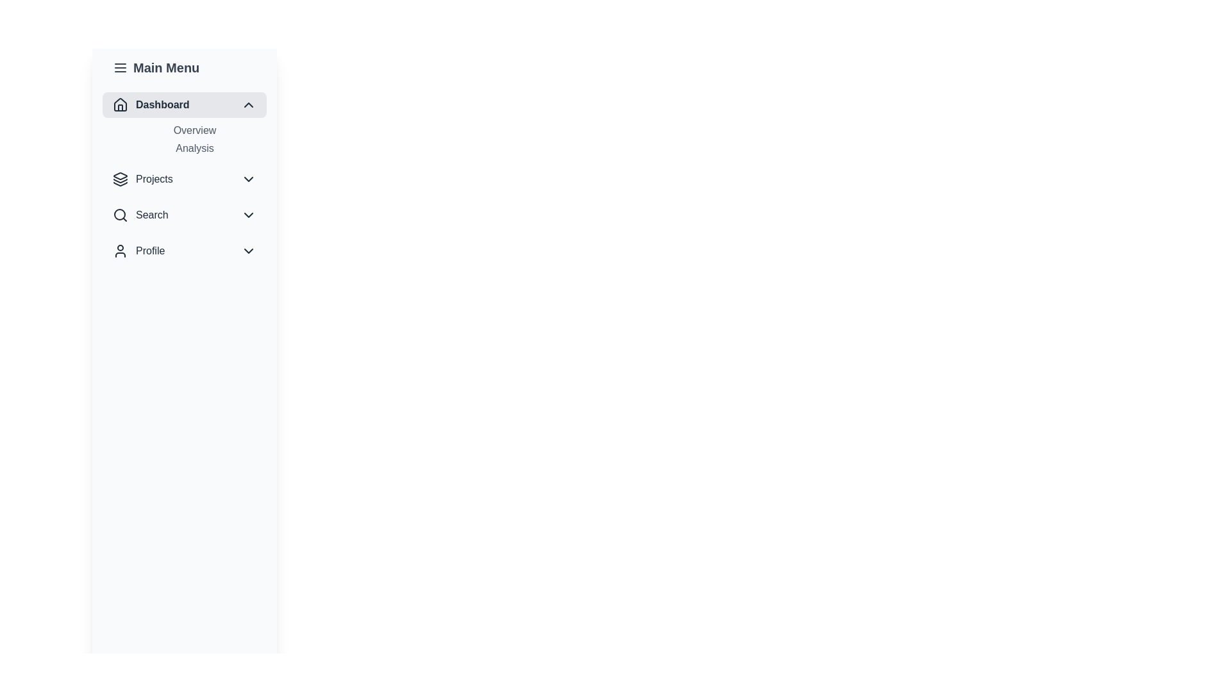 This screenshot has width=1231, height=692. Describe the element at coordinates (184, 214) in the screenshot. I see `the 'Search' menu item, which is the fourth item in the vertical navigation menu on the left side, located between 'Projects' and 'Profile'` at that location.